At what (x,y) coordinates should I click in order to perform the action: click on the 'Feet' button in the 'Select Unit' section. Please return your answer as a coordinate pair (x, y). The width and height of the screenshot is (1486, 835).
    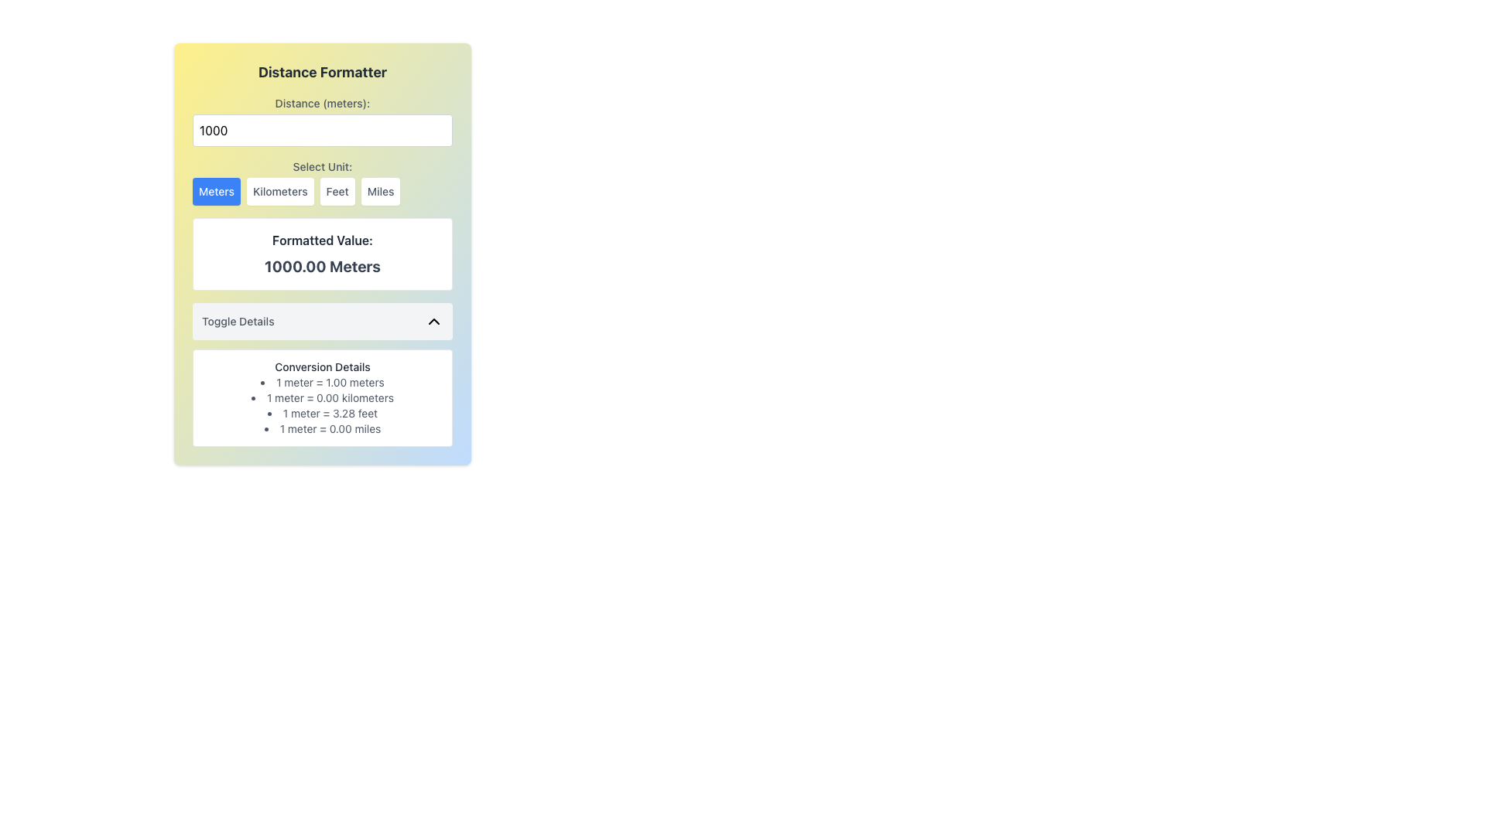
    Looking at the image, I should click on (337, 190).